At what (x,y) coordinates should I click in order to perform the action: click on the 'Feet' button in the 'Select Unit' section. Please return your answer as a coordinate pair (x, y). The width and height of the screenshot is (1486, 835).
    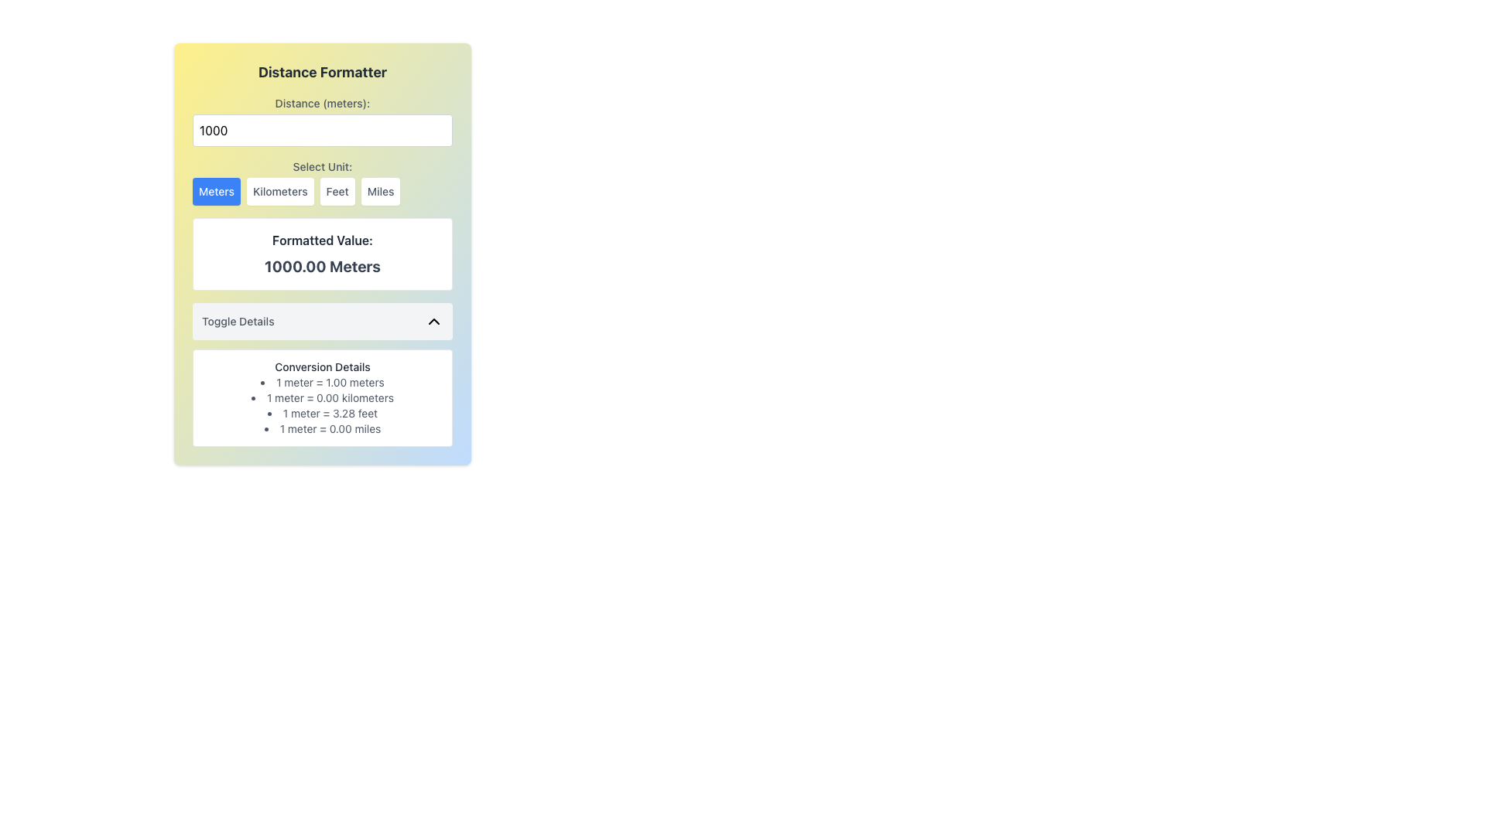
    Looking at the image, I should click on (337, 190).